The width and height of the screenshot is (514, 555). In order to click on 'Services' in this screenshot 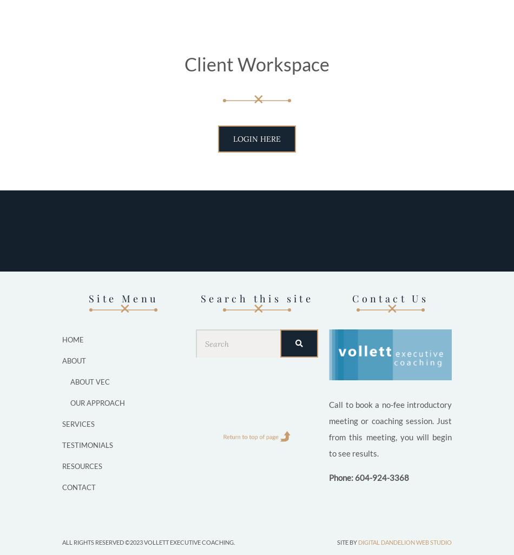, I will do `click(78, 423)`.